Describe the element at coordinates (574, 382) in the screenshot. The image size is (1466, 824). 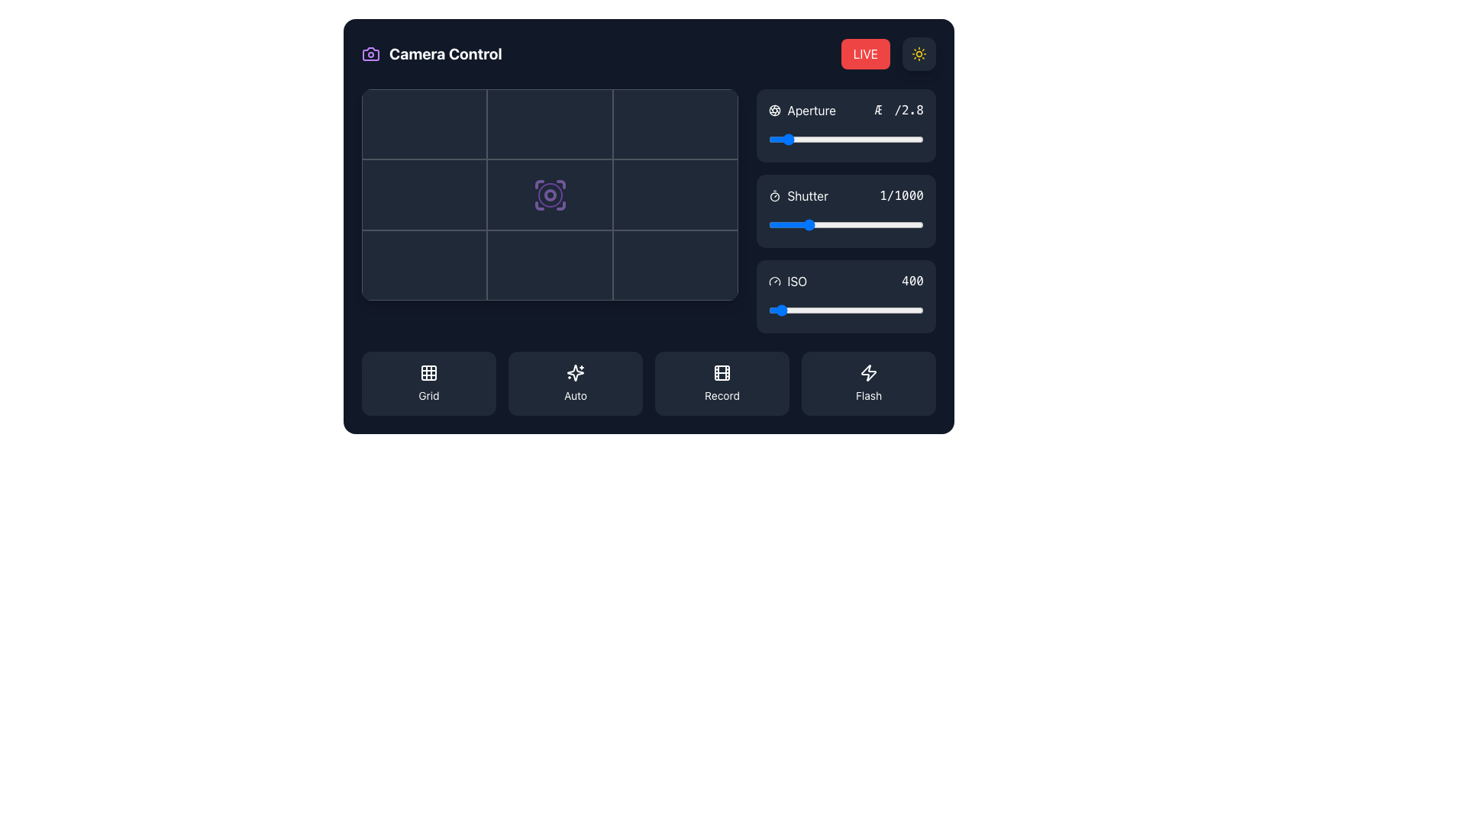
I see `the 'Auto' button located between the 'Grid' button on the left and the 'Record' button on the right` at that location.